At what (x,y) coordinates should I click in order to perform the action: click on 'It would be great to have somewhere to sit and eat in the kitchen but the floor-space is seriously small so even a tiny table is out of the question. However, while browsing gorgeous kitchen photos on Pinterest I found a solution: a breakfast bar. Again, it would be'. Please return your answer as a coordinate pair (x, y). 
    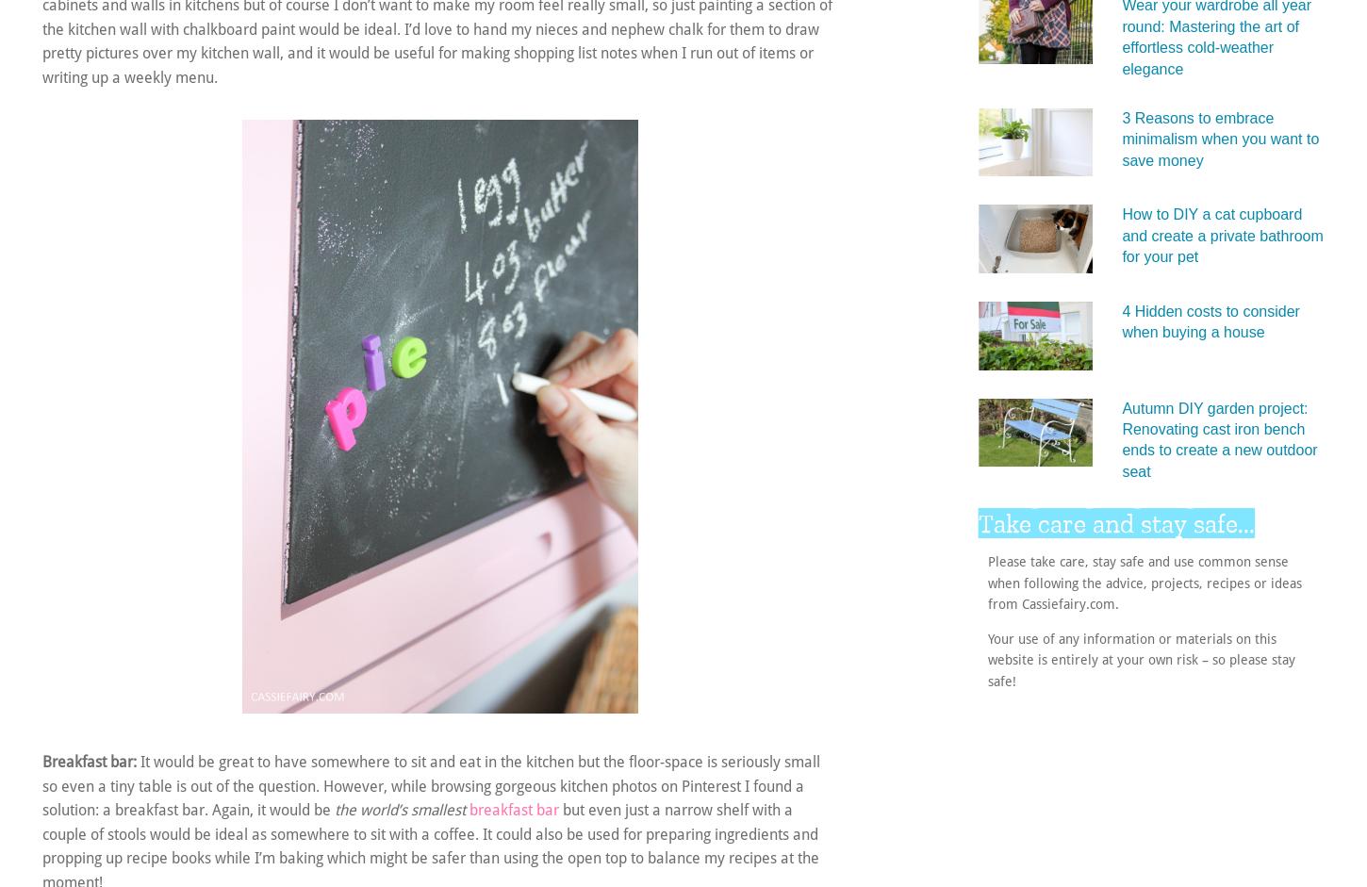
    Looking at the image, I should click on (41, 784).